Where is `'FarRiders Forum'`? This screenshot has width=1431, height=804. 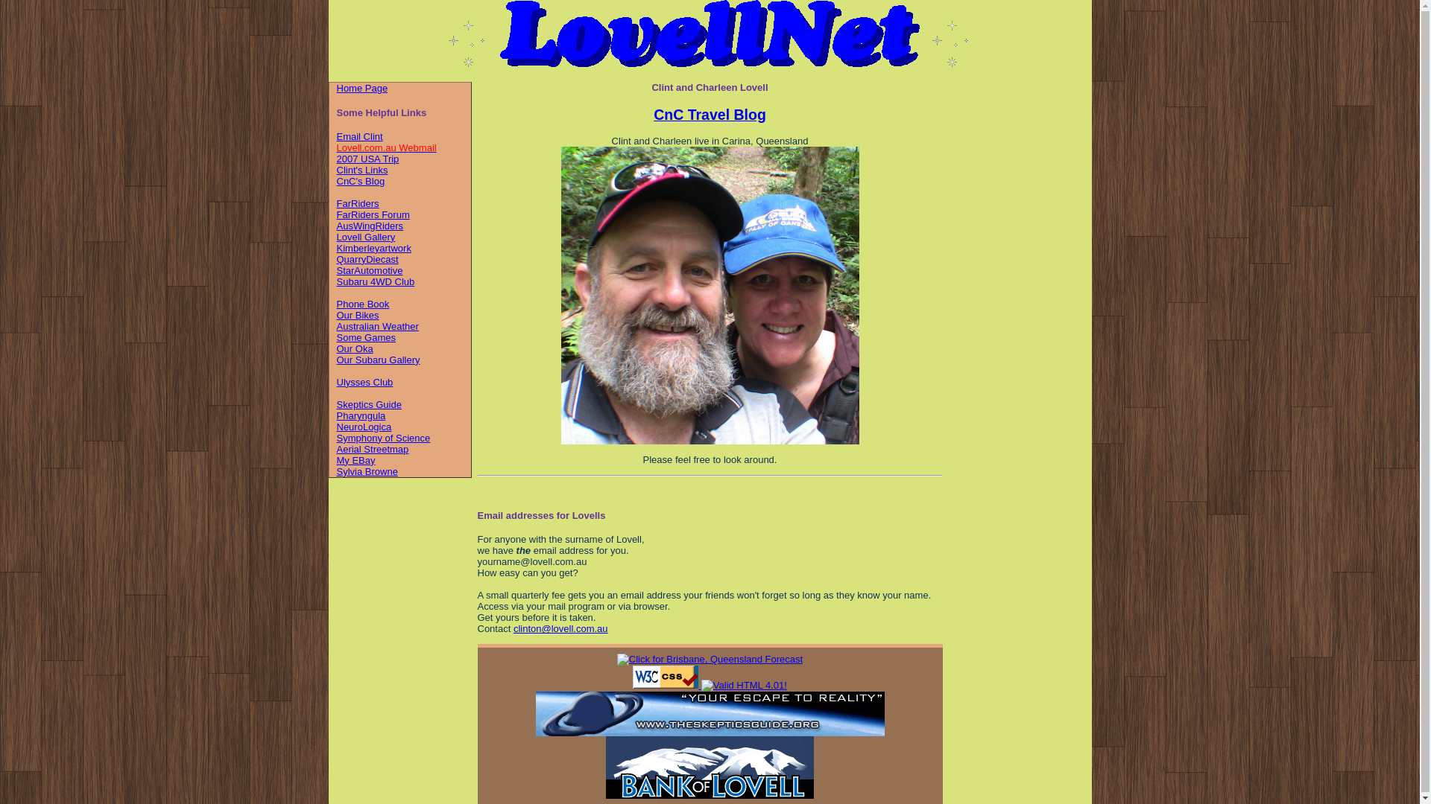
'FarRiders Forum' is located at coordinates (373, 214).